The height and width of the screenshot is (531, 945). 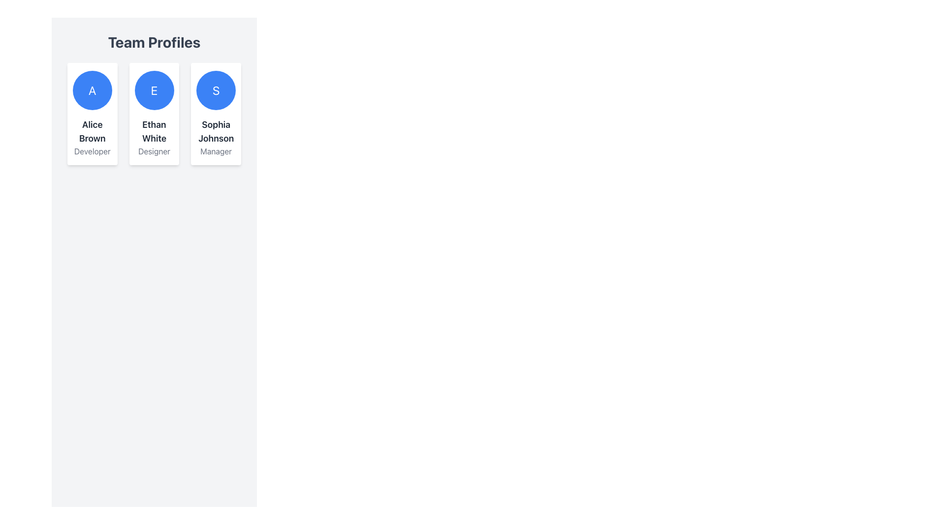 What do you see at coordinates (216, 113) in the screenshot?
I see `the user profile card displaying 'Sophia Johnson', which features a circular blue background with an 'S' in the center, located beneath 'Team Profiles'` at bounding box center [216, 113].